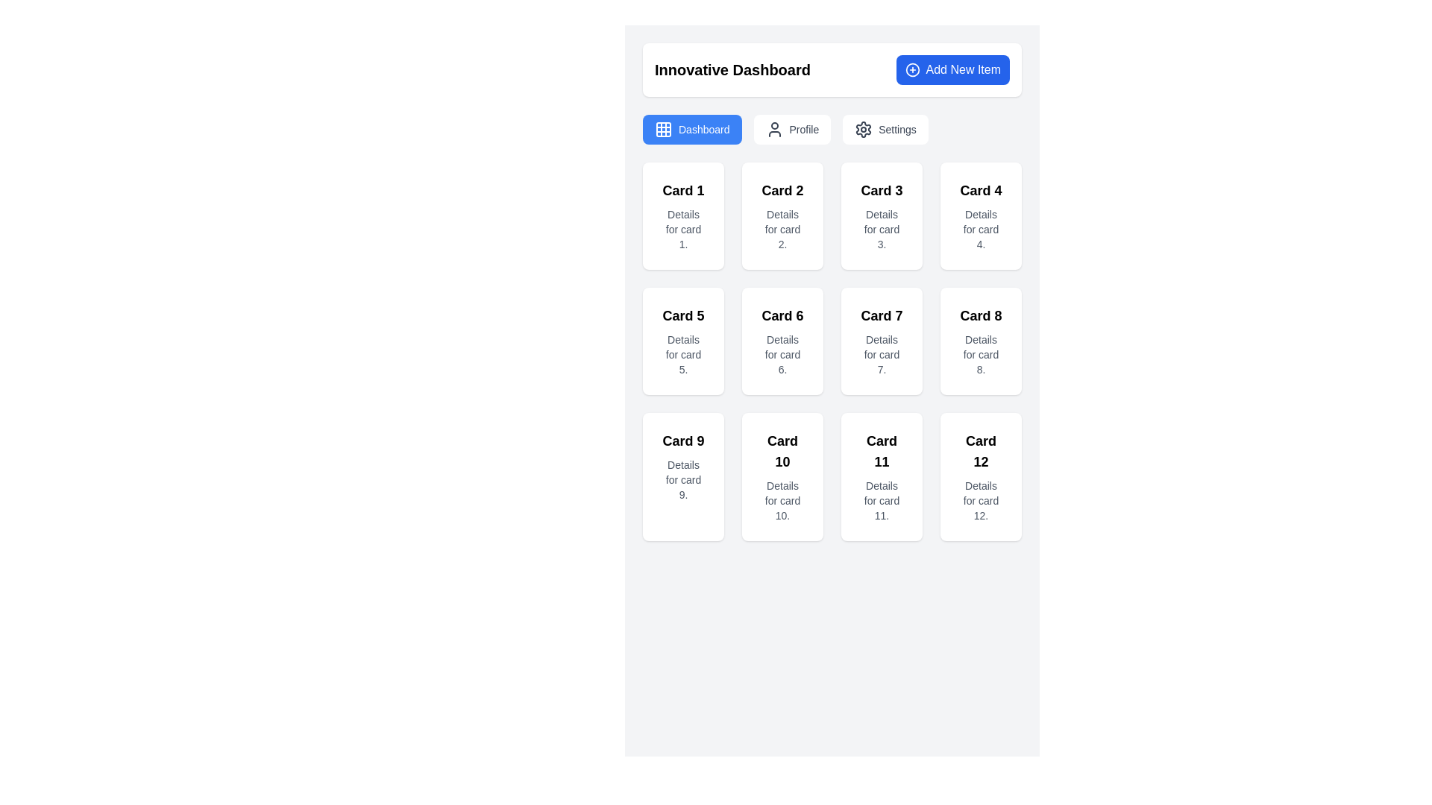 The width and height of the screenshot is (1432, 805). Describe the element at coordinates (981, 341) in the screenshot. I see `the content of 'Card 8', which is the eighth element in a 4x3 grid layout, located in the second row, fourth column` at that location.